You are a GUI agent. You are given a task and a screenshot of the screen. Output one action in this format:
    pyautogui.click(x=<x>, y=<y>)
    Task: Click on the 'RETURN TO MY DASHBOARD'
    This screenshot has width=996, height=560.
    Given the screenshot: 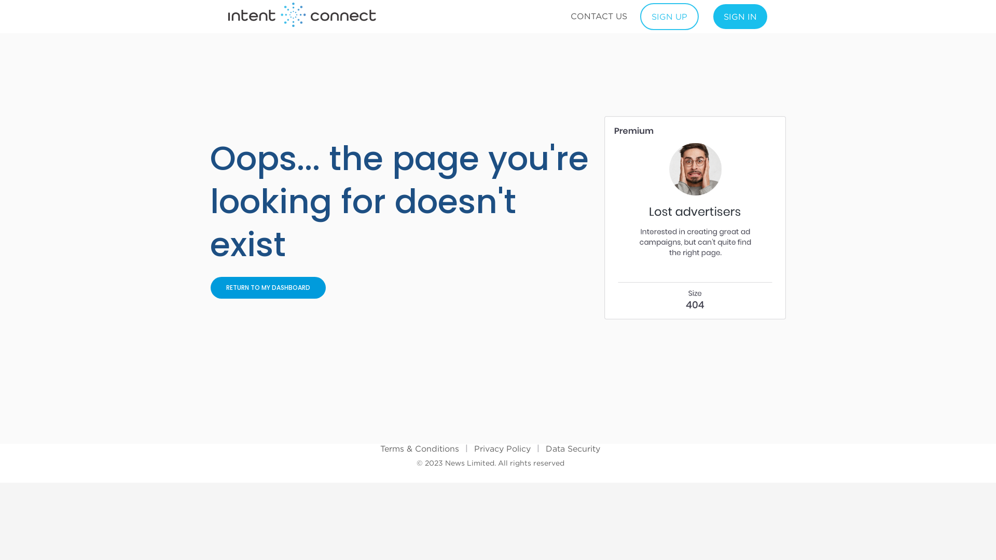 What is the action you would take?
    pyautogui.click(x=268, y=288)
    